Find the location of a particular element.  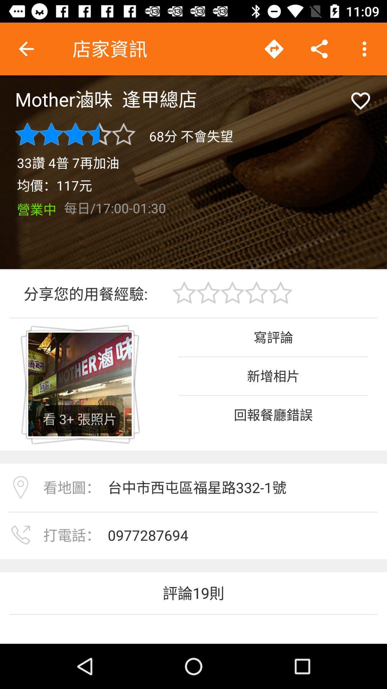

the image which is below the text is located at coordinates (80, 384).